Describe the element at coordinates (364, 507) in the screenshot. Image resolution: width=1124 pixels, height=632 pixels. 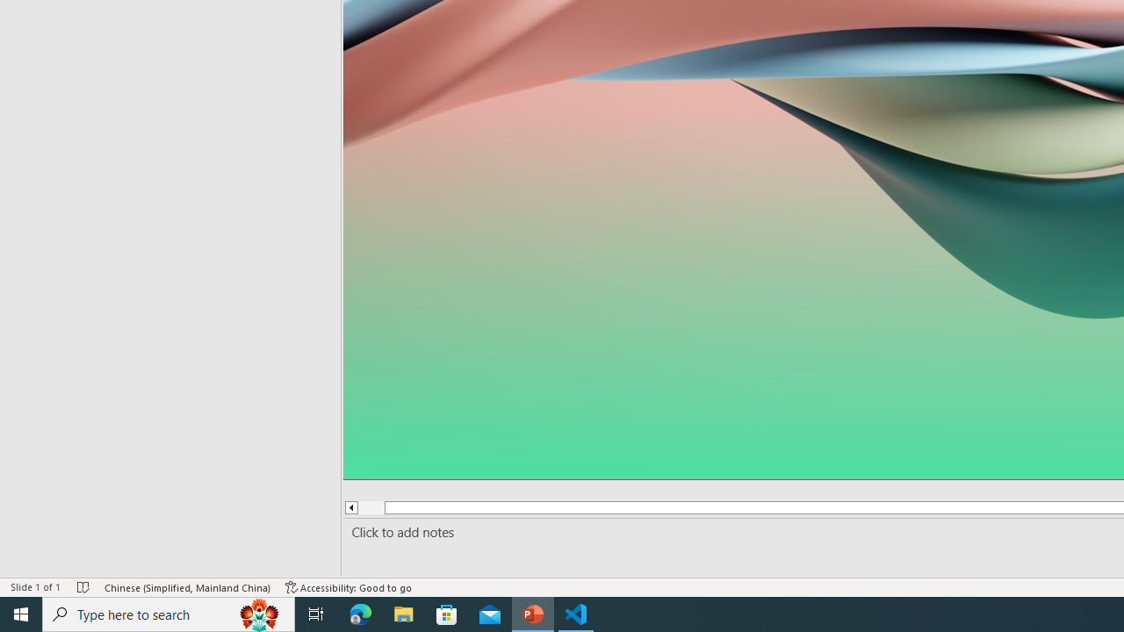
I see `'Page up'` at that location.